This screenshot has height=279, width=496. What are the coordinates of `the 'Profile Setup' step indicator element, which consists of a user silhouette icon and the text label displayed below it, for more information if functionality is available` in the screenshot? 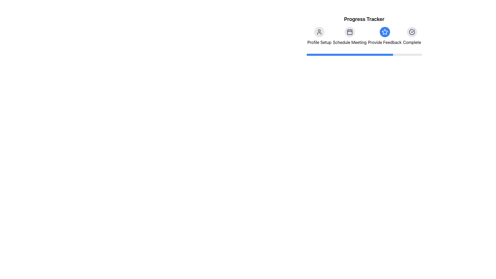 It's located at (319, 36).